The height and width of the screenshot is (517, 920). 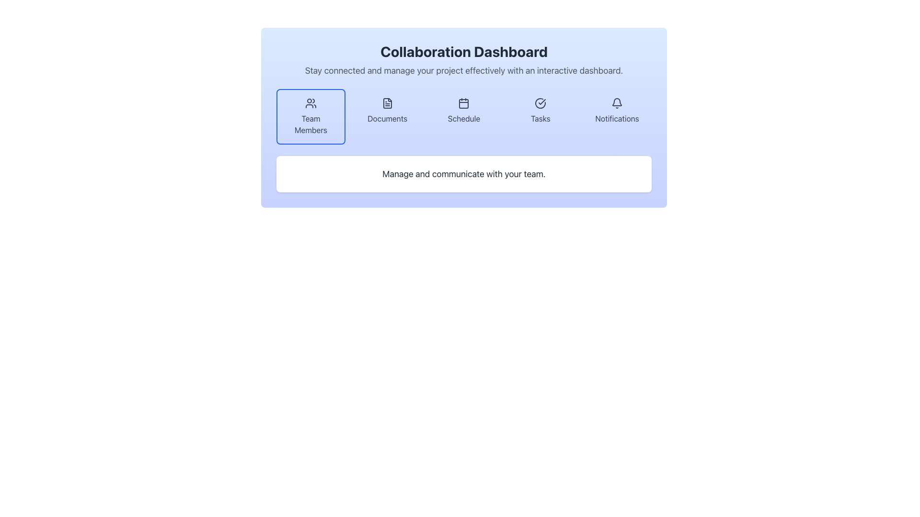 What do you see at coordinates (617, 103) in the screenshot?
I see `the bell icon located above the 'Notifications' text` at bounding box center [617, 103].